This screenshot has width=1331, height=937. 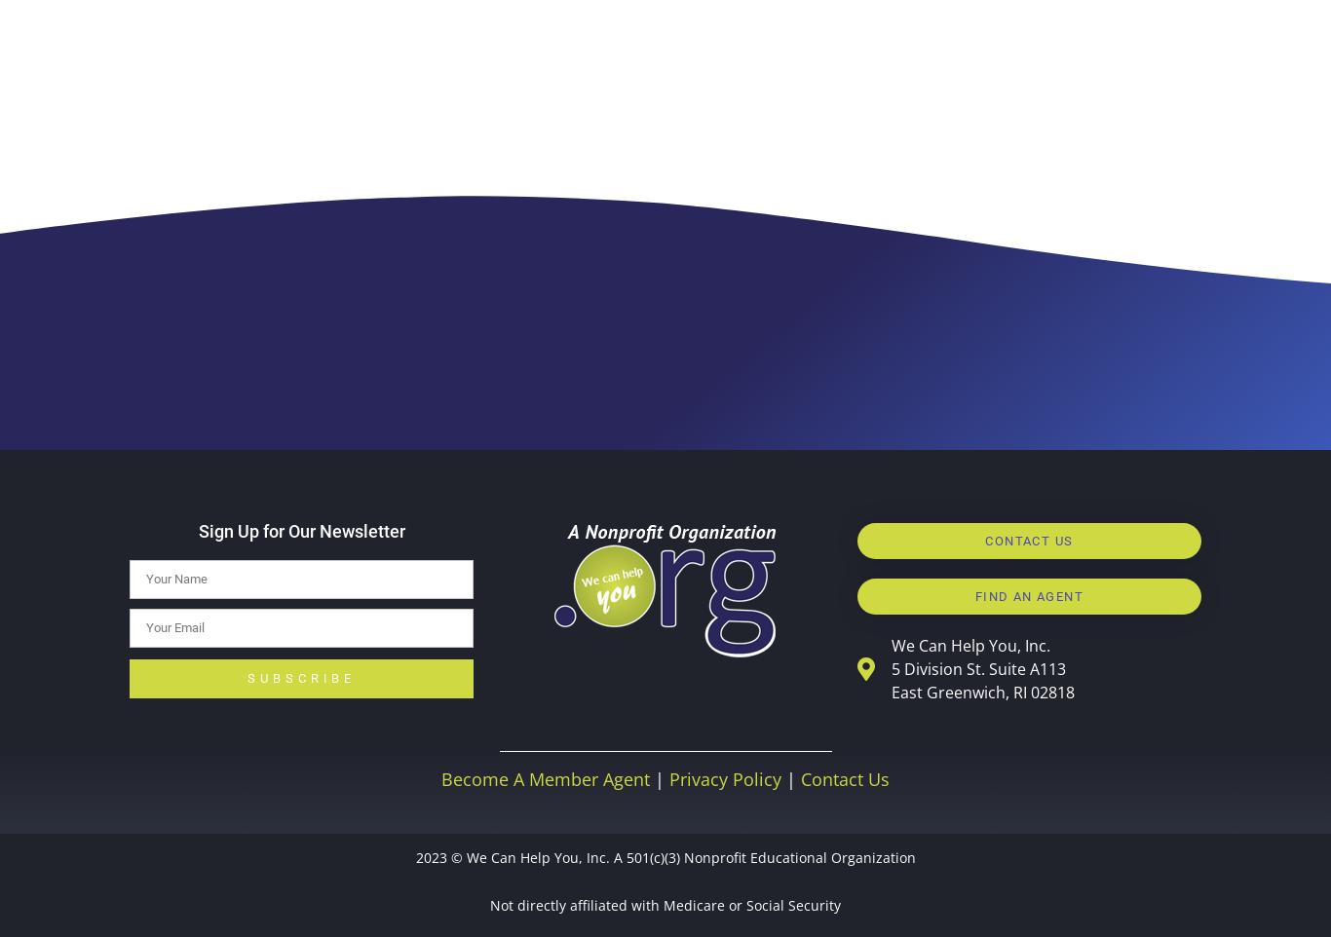 I want to click on 'We Can Help You, Inc.', so click(x=970, y=644).